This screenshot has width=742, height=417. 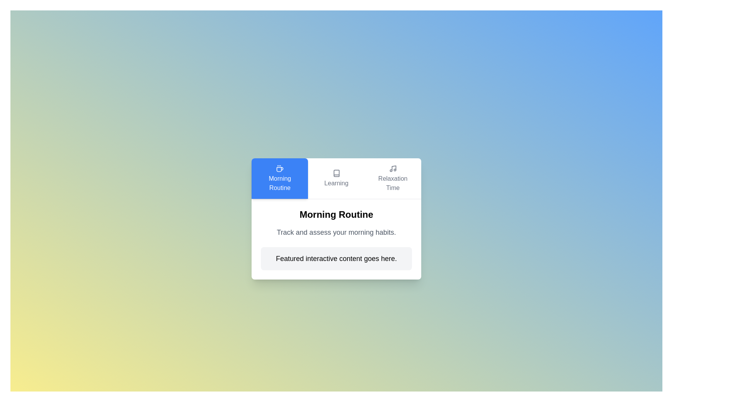 I want to click on the text in the tab labeled Morning Routine, so click(x=279, y=178).